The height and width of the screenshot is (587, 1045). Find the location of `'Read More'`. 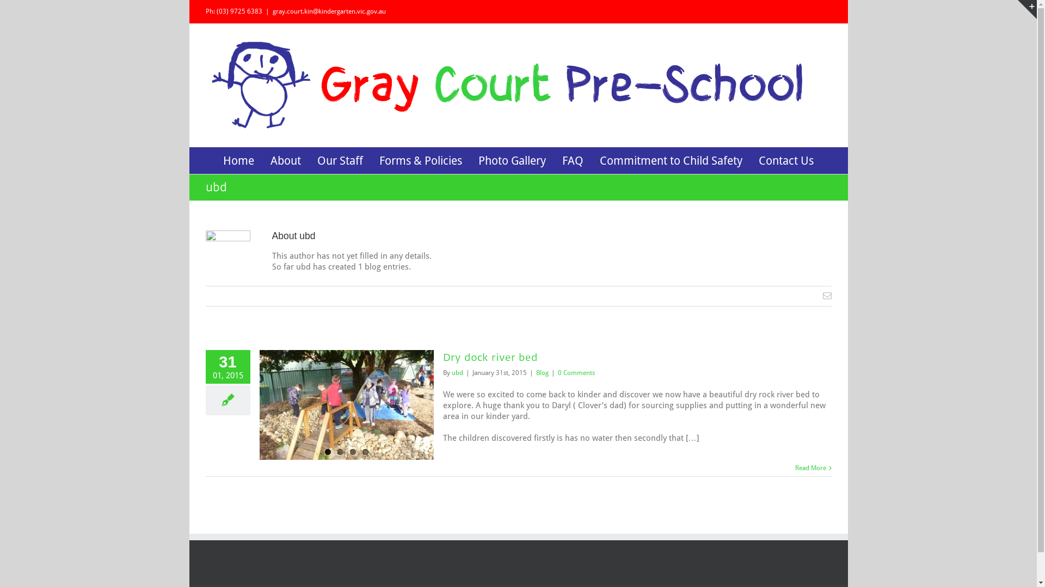

'Read More' is located at coordinates (810, 467).